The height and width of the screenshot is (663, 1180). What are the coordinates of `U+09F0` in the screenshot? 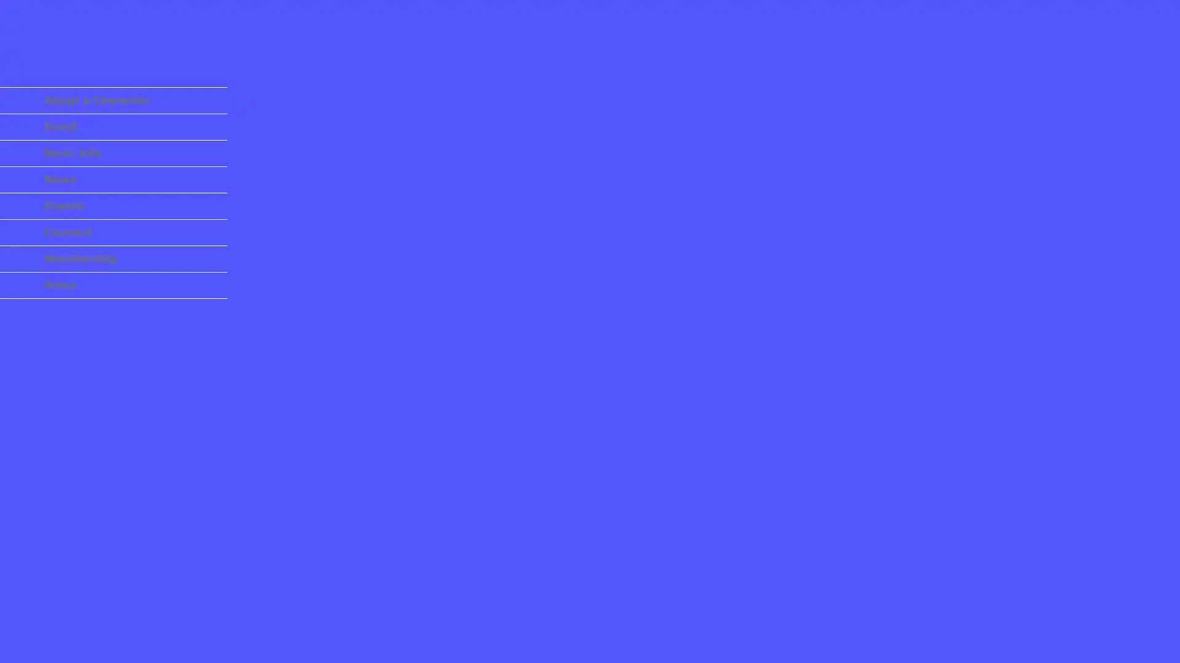 It's located at (462, 526).